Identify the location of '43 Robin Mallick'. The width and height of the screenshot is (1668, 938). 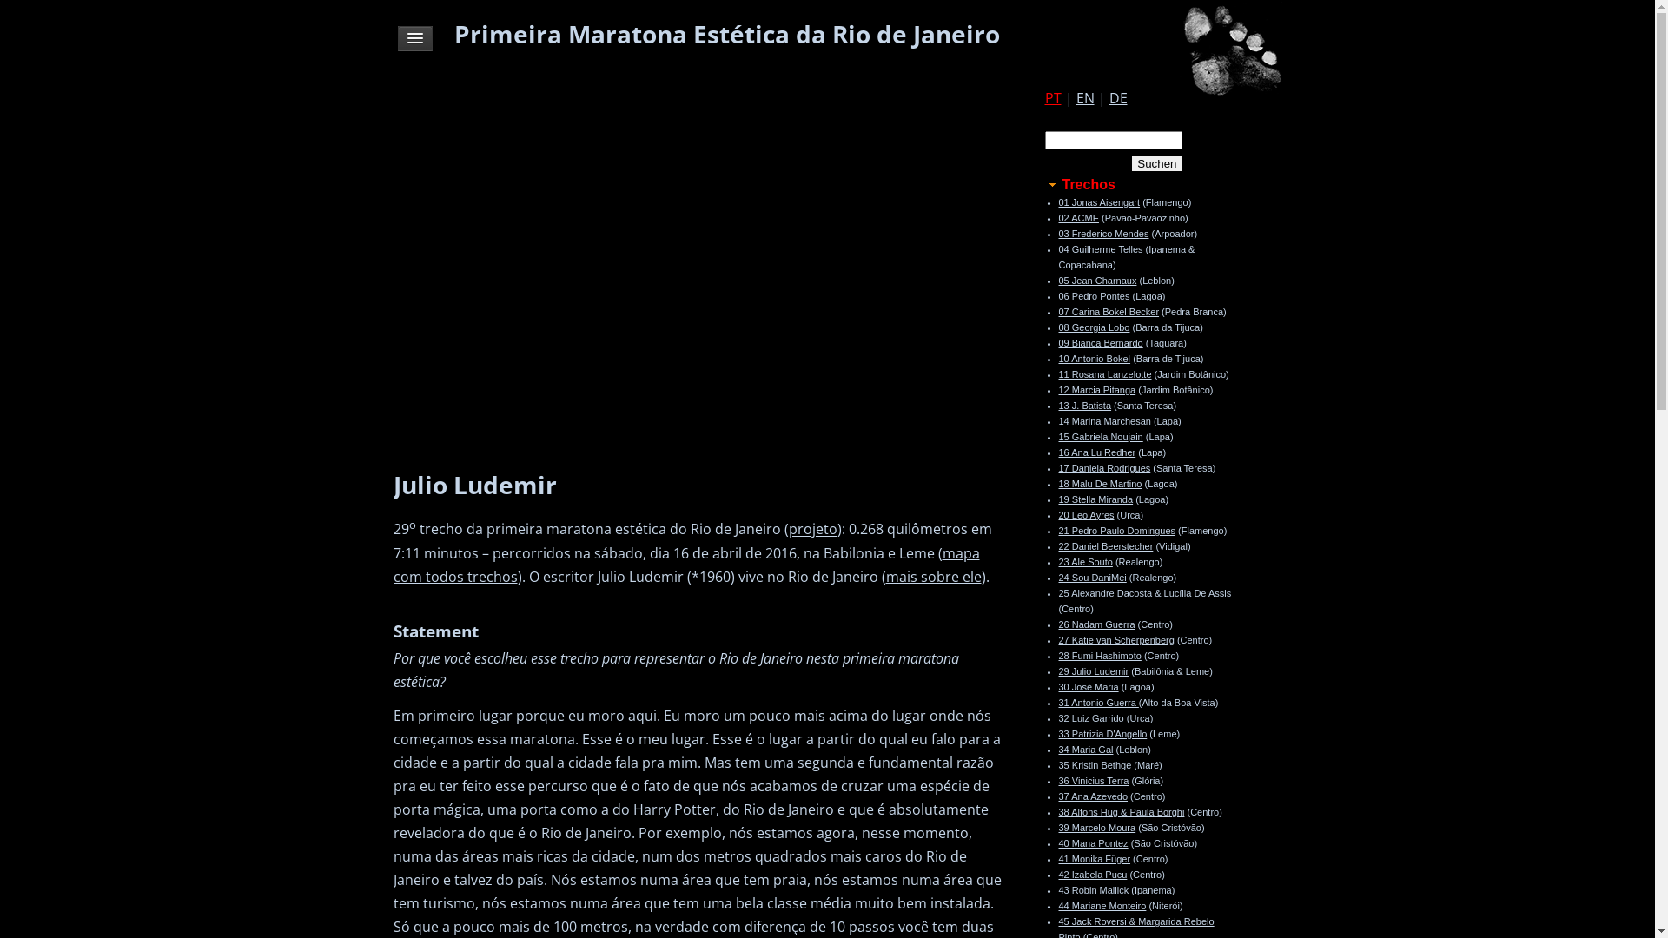
(1092, 890).